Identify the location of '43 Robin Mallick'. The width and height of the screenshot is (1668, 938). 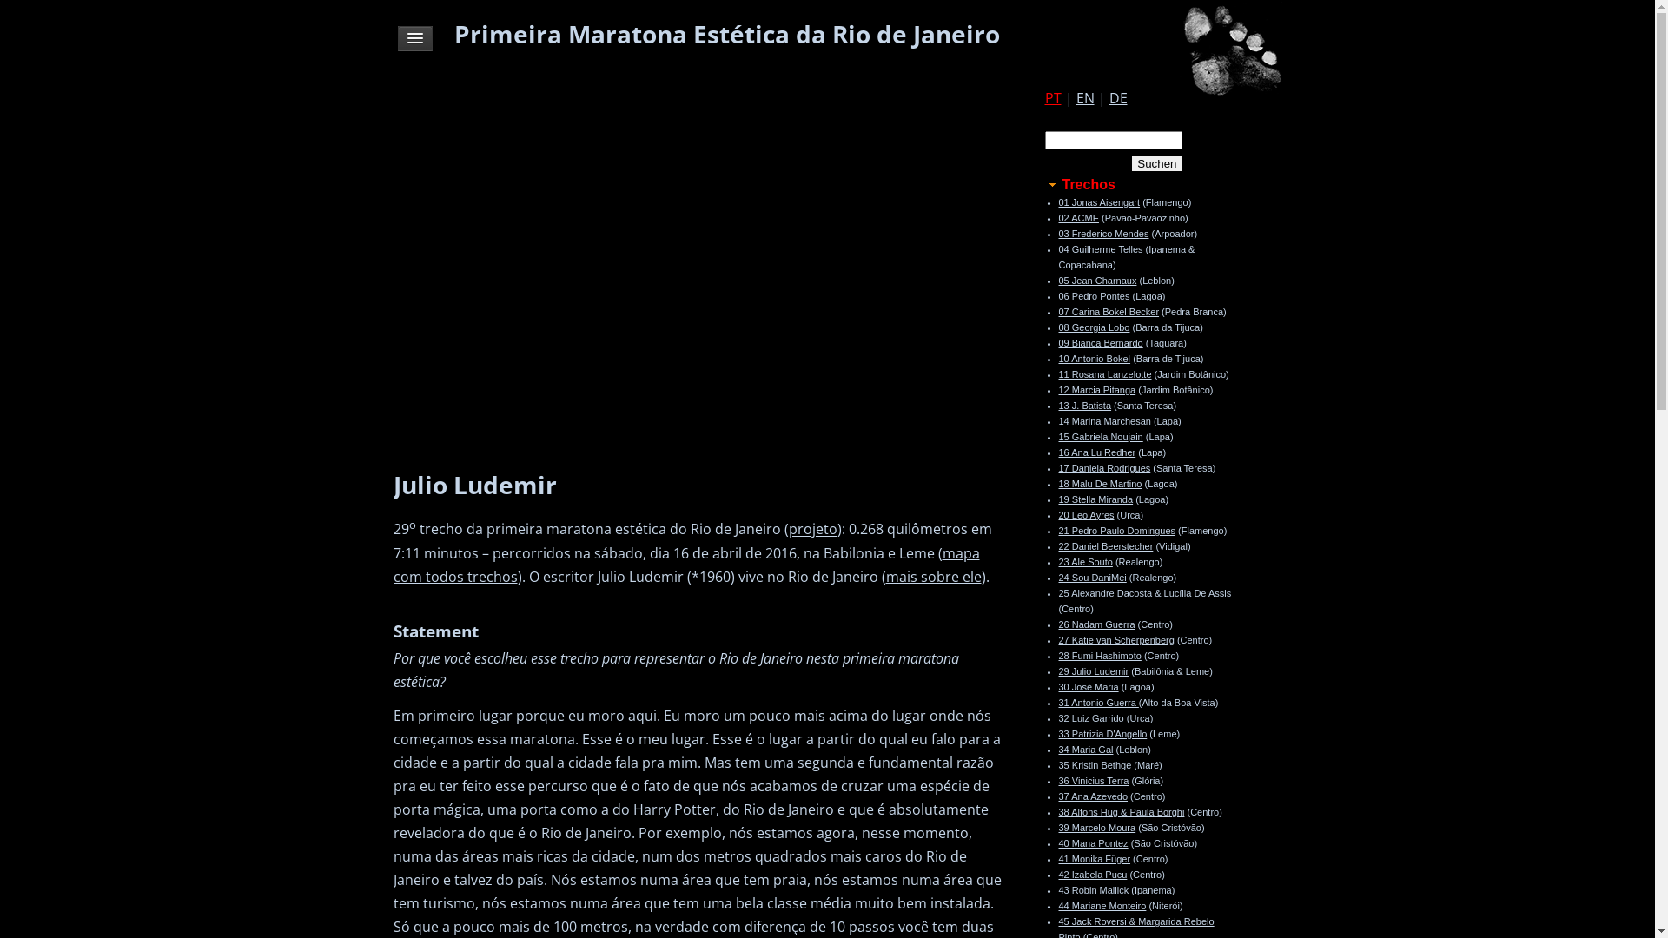
(1092, 890).